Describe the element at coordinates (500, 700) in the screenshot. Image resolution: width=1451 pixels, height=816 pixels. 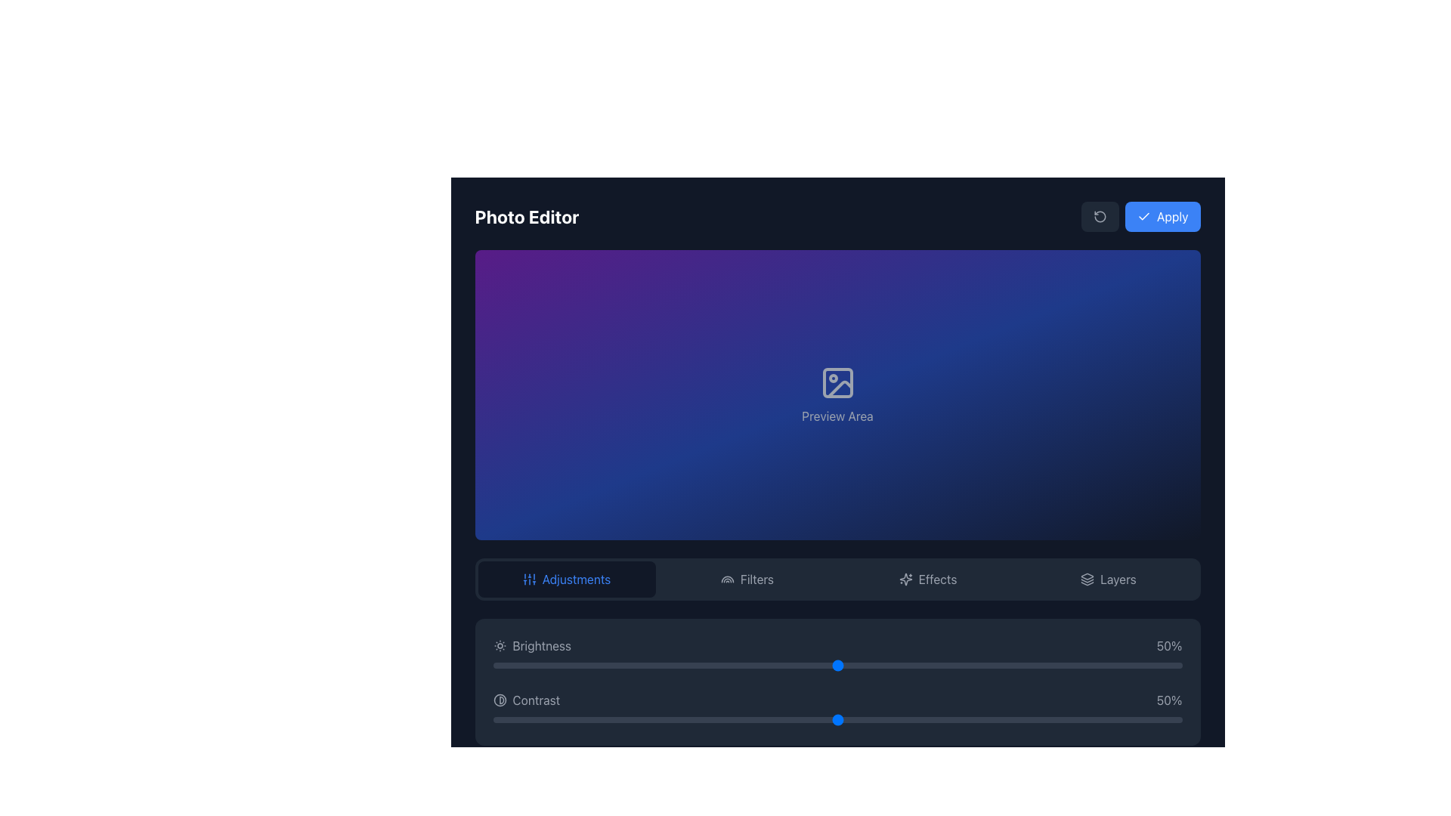
I see `the circular icon located to the left of the 'Contrast' text label` at that location.